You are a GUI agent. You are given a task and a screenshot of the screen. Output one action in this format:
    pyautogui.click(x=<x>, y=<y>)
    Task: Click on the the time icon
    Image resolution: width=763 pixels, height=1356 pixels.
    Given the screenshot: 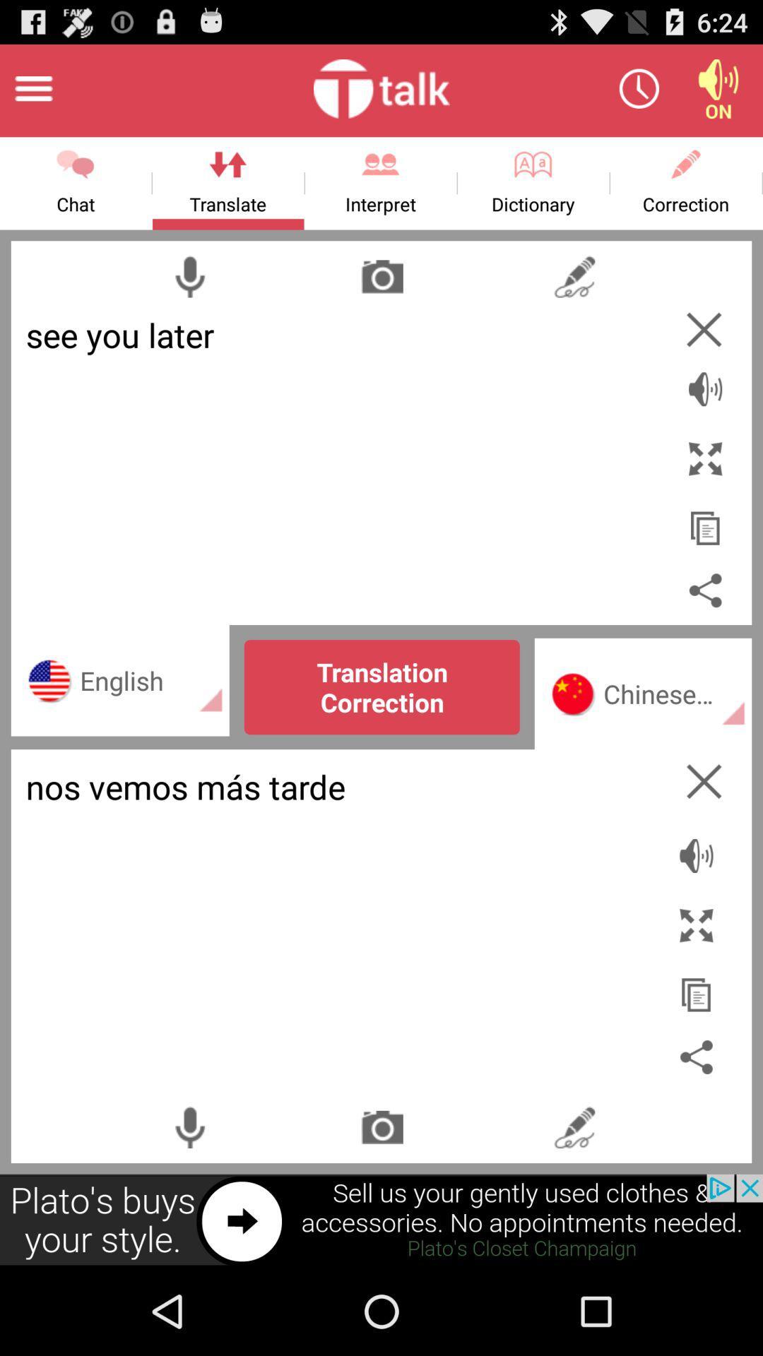 What is the action you would take?
    pyautogui.click(x=639, y=94)
    